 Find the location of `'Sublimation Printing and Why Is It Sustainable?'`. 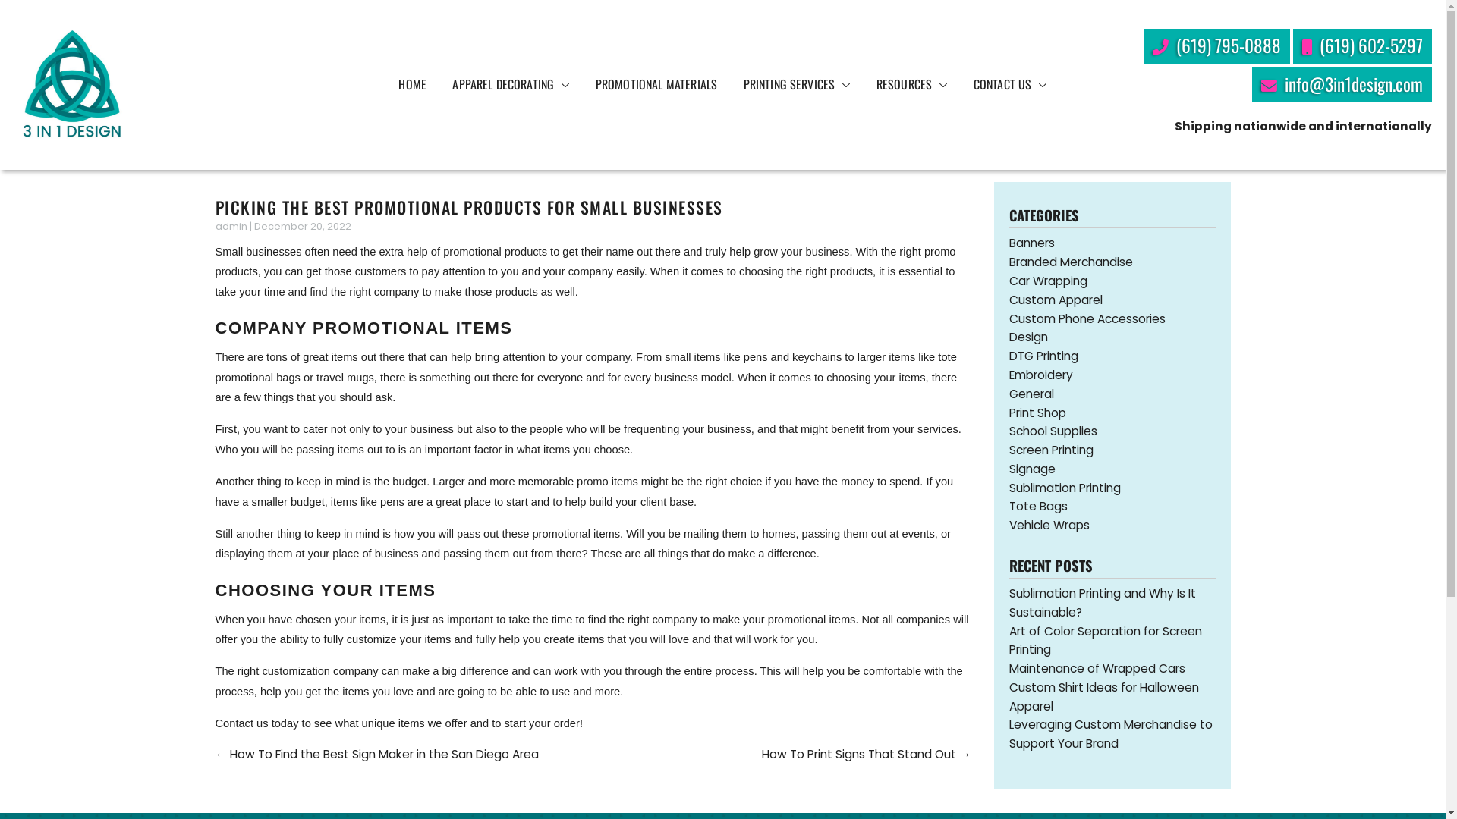

'Sublimation Printing and Why Is It Sustainable?' is located at coordinates (1103, 601).